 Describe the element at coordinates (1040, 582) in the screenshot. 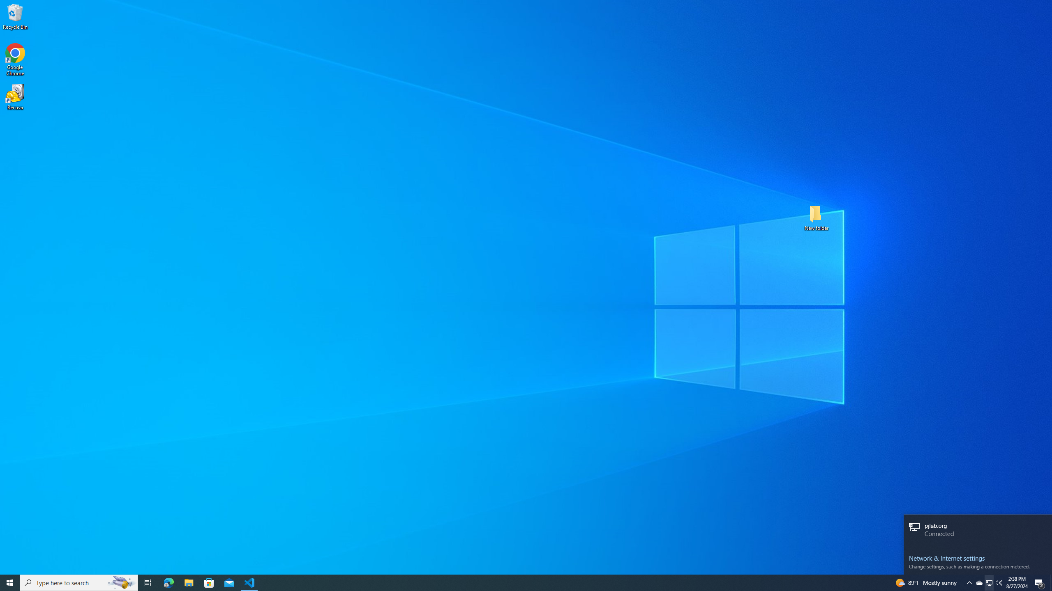

I see `'Action Center, 2 new notifications'` at that location.